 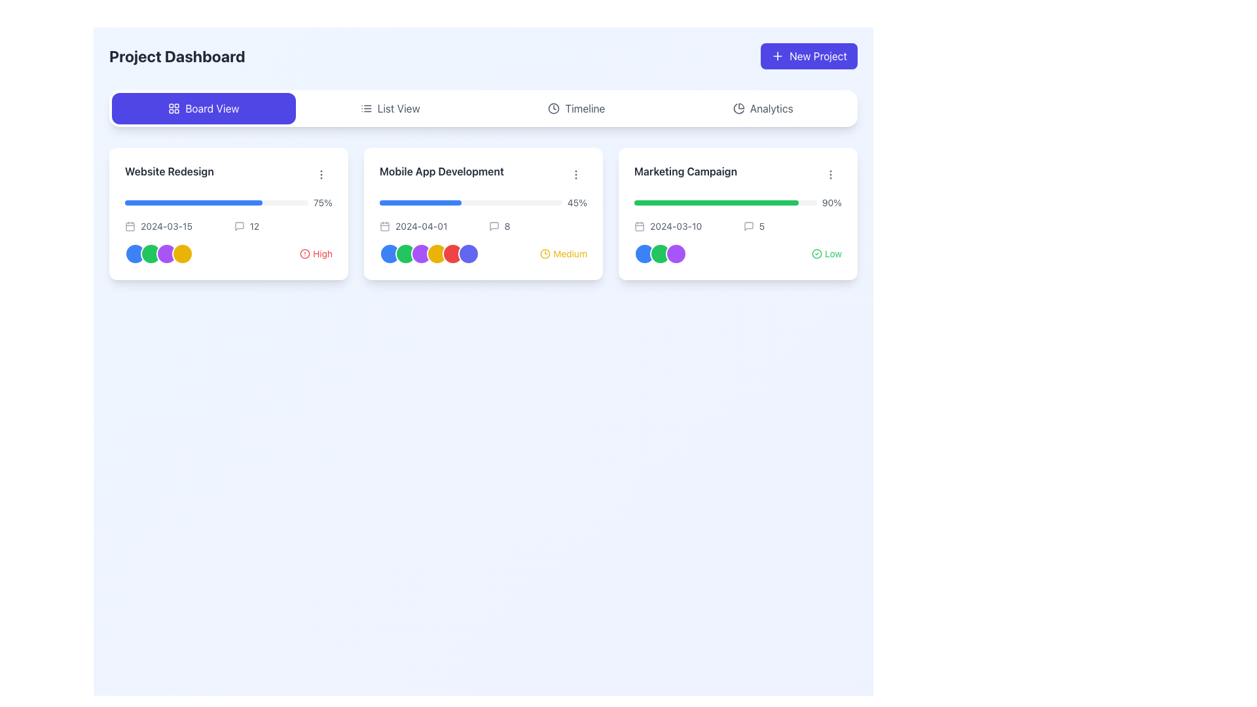 I want to click on the circular status indicator located in the bottom-middle section of the 'Mobile App Development' card, positioned fifth among six circular icons, so click(x=452, y=254).